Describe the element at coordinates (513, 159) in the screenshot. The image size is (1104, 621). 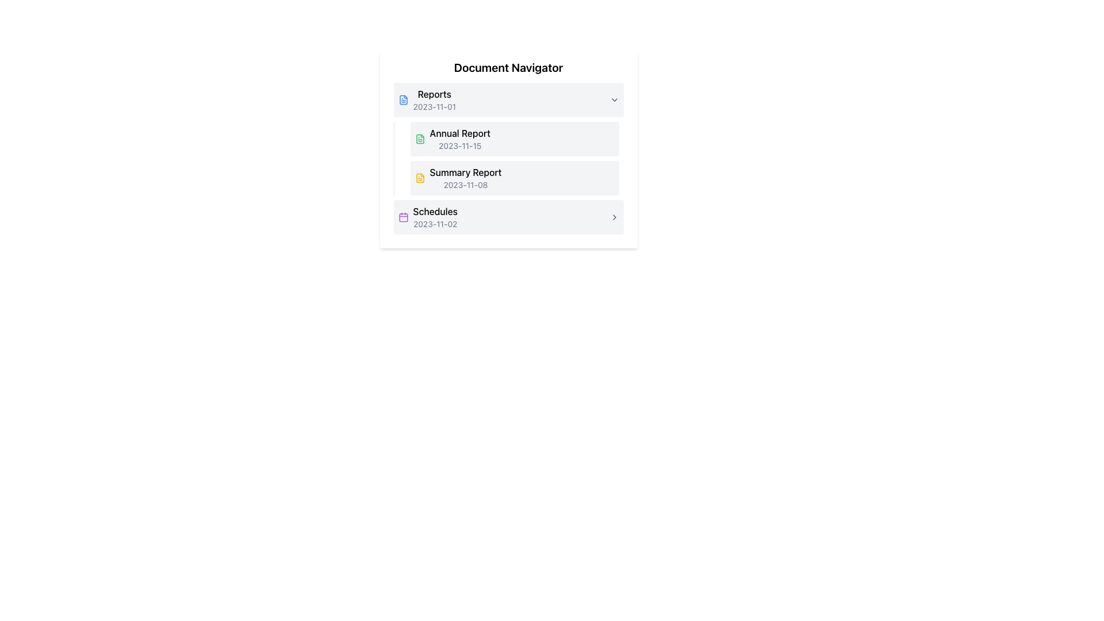
I see `the Clickable List Item containing 'Annual Report' and 'Summary Report'` at that location.